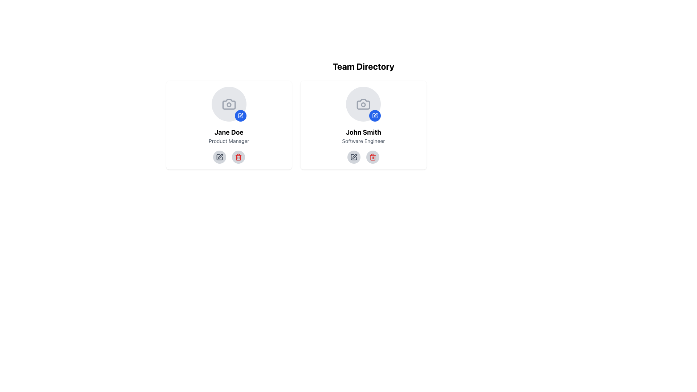  What do you see at coordinates (228, 104) in the screenshot?
I see `the profile picture area with the interactive icon overlay for repositioning within the profile card of 'Jane Doe - Product Manager.'` at bounding box center [228, 104].